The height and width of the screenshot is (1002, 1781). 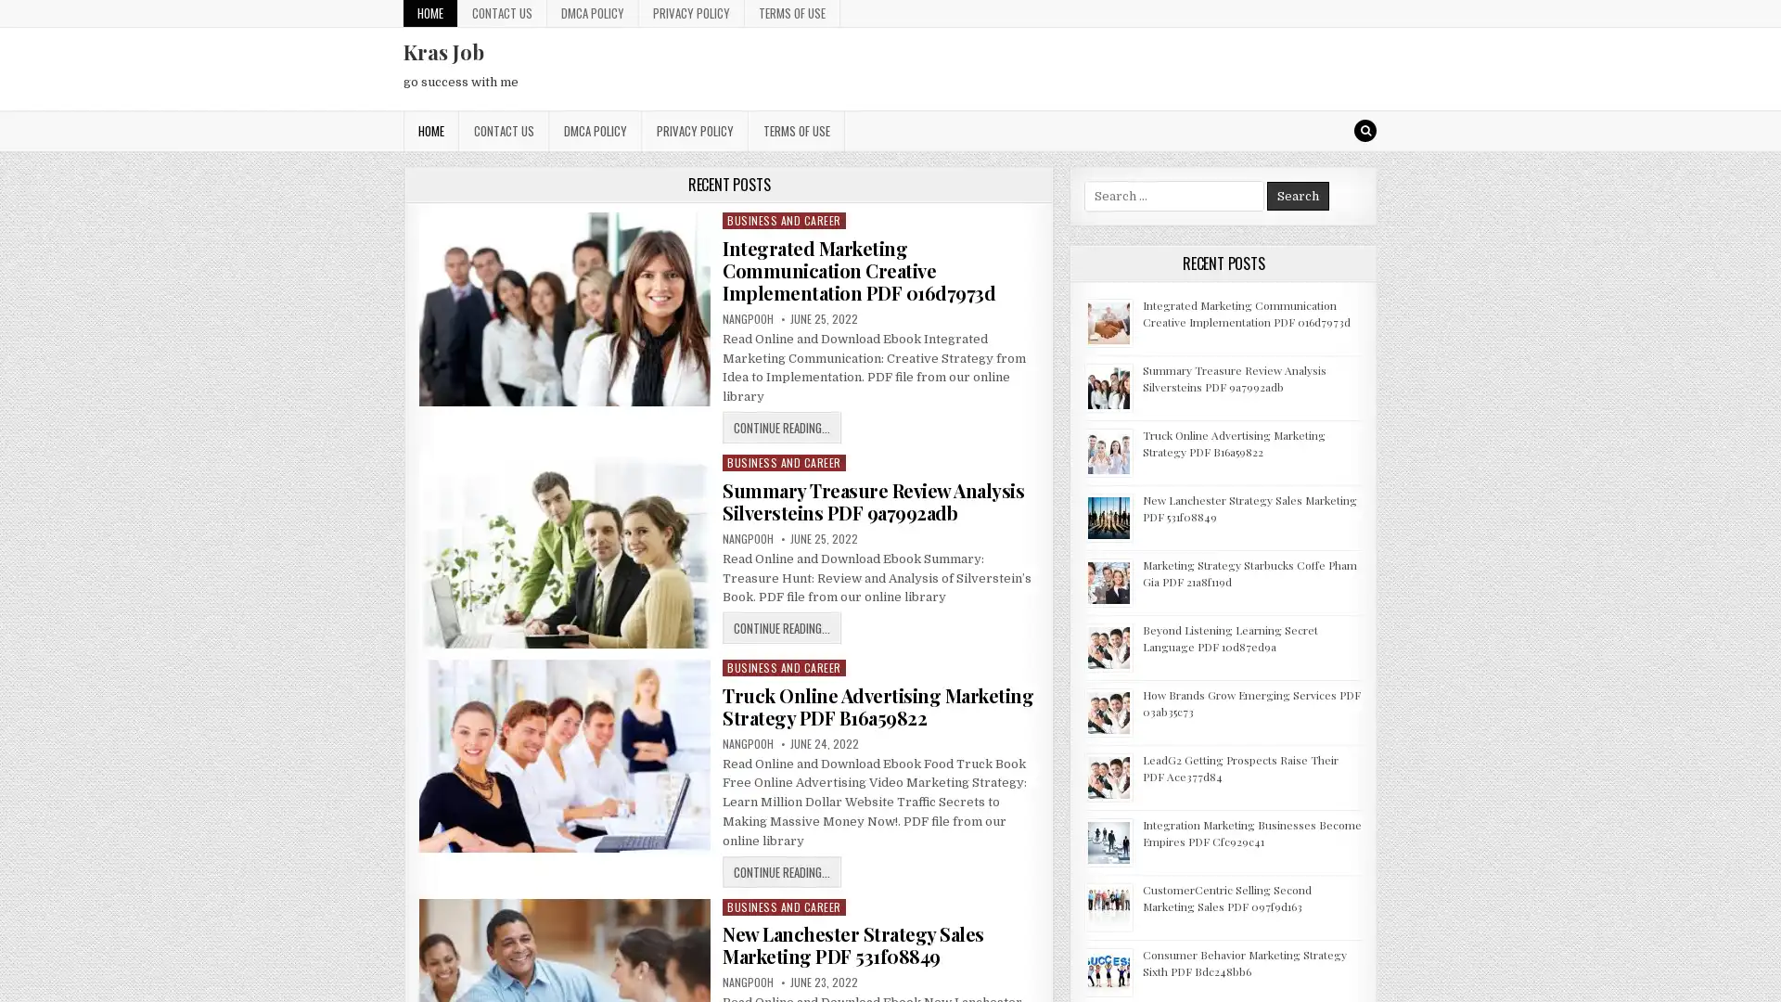 What do you see at coordinates (1297, 196) in the screenshot?
I see `Search` at bounding box center [1297, 196].